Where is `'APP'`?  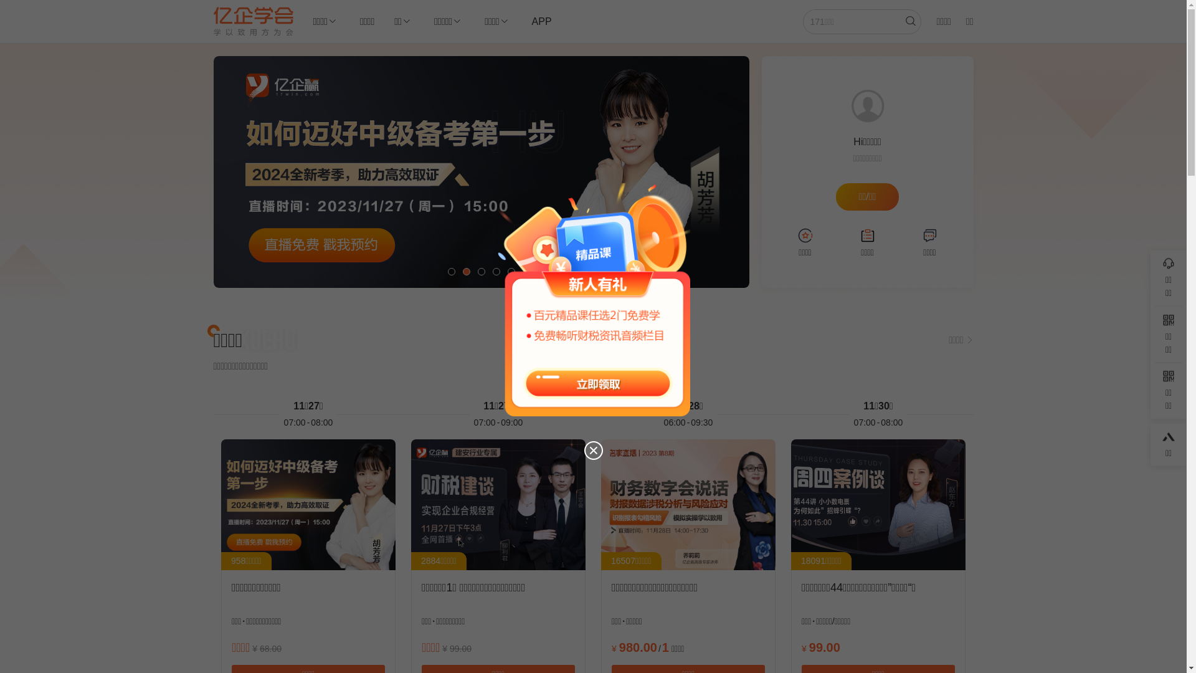
'APP' is located at coordinates (541, 21).